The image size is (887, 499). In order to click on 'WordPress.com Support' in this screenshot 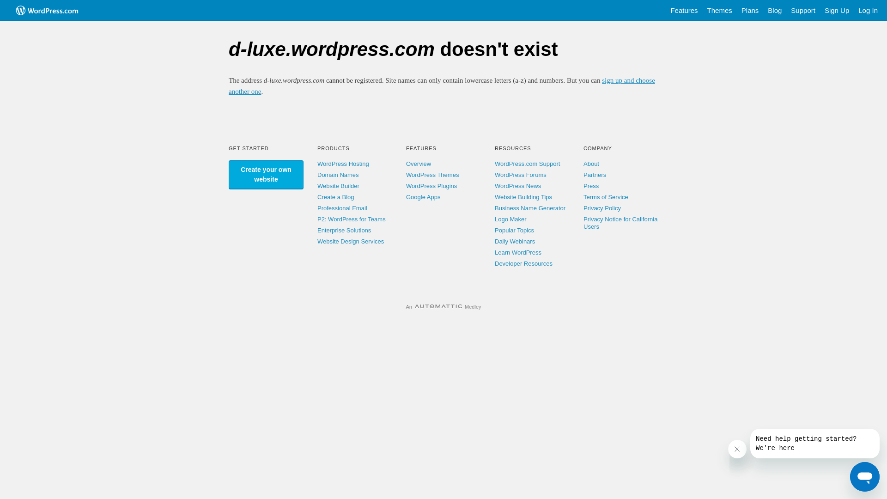, I will do `click(527, 163)`.